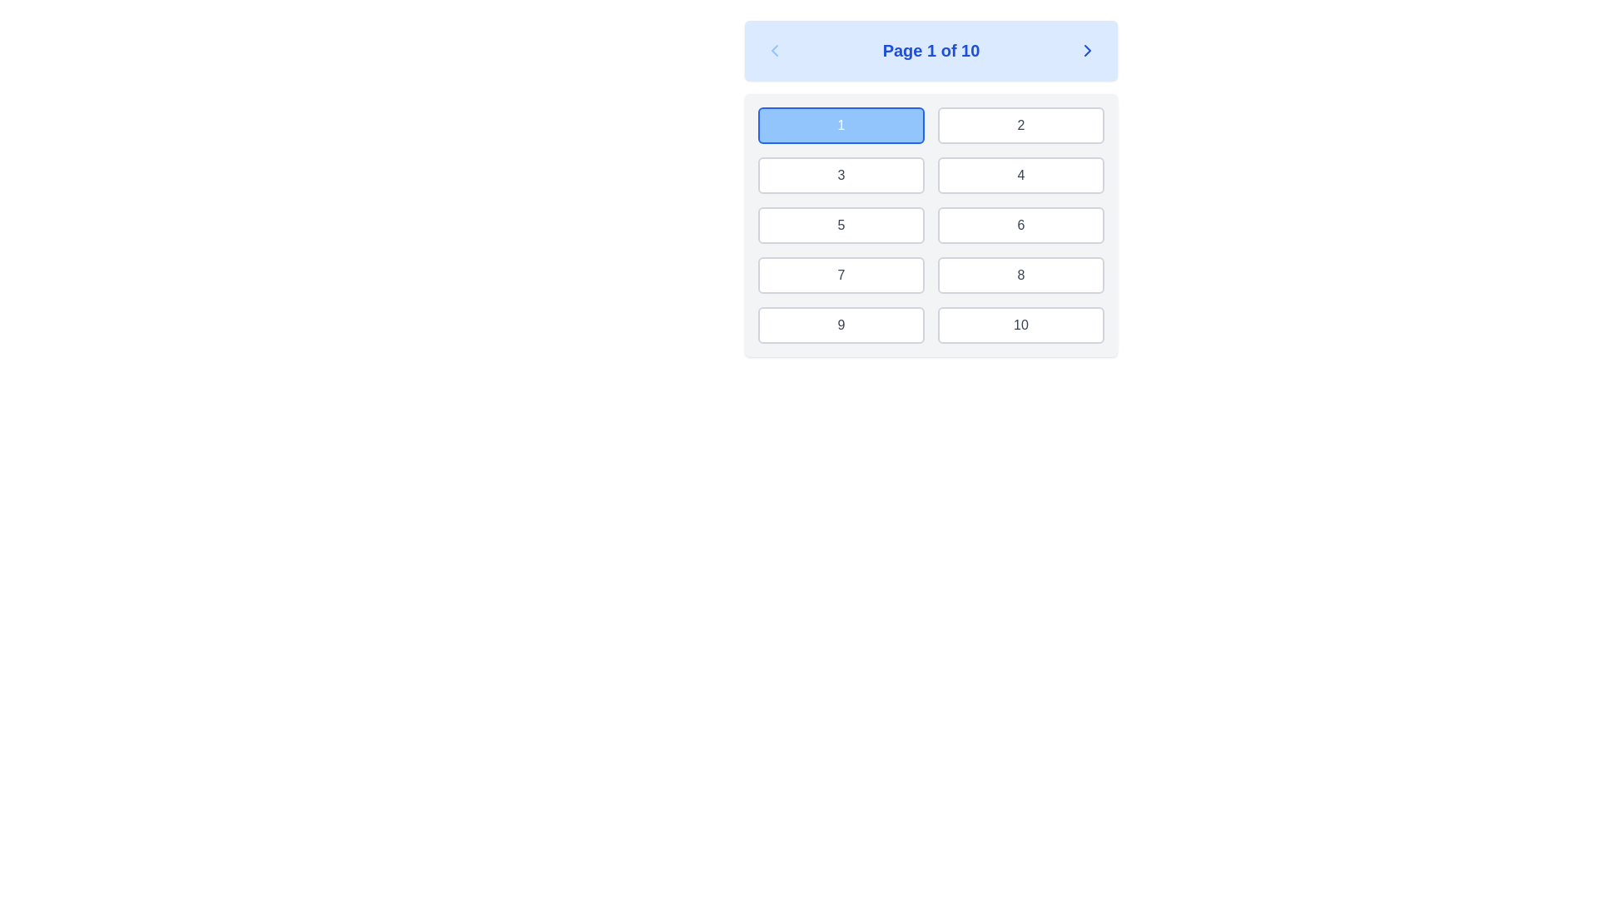 The width and height of the screenshot is (1598, 899). Describe the element at coordinates (1087, 50) in the screenshot. I see `the button positioned to the far right within the blue header section of the pagination component` at that location.